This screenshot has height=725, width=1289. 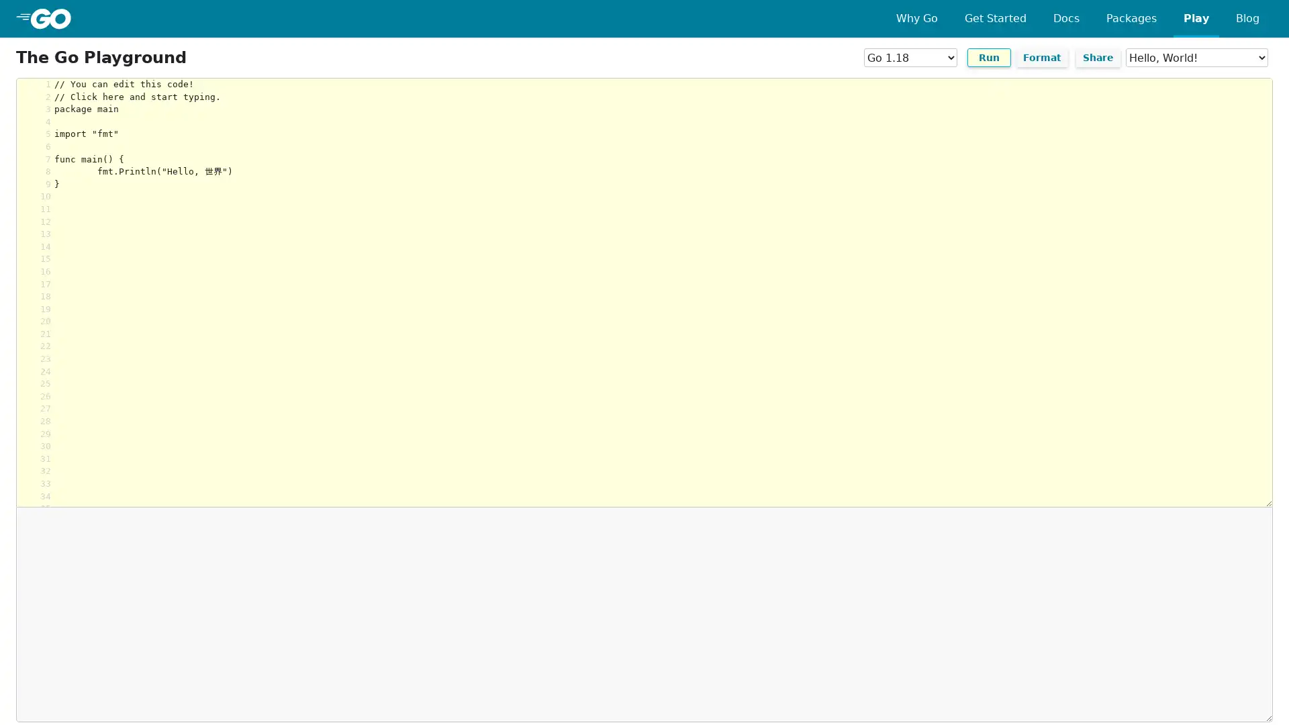 I want to click on Format, so click(x=1041, y=56).